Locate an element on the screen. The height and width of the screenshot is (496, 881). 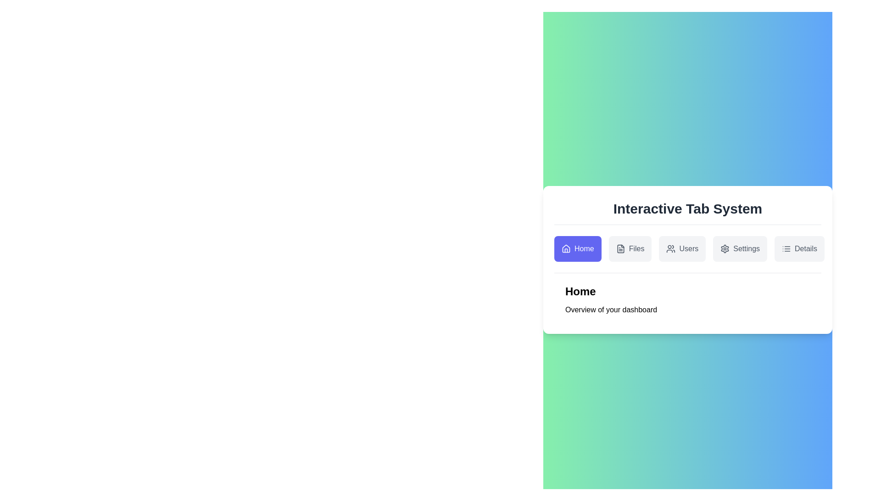
the 'Users' tab icon located in the tab bar between 'Files' and 'Settings' is located at coordinates (671, 249).